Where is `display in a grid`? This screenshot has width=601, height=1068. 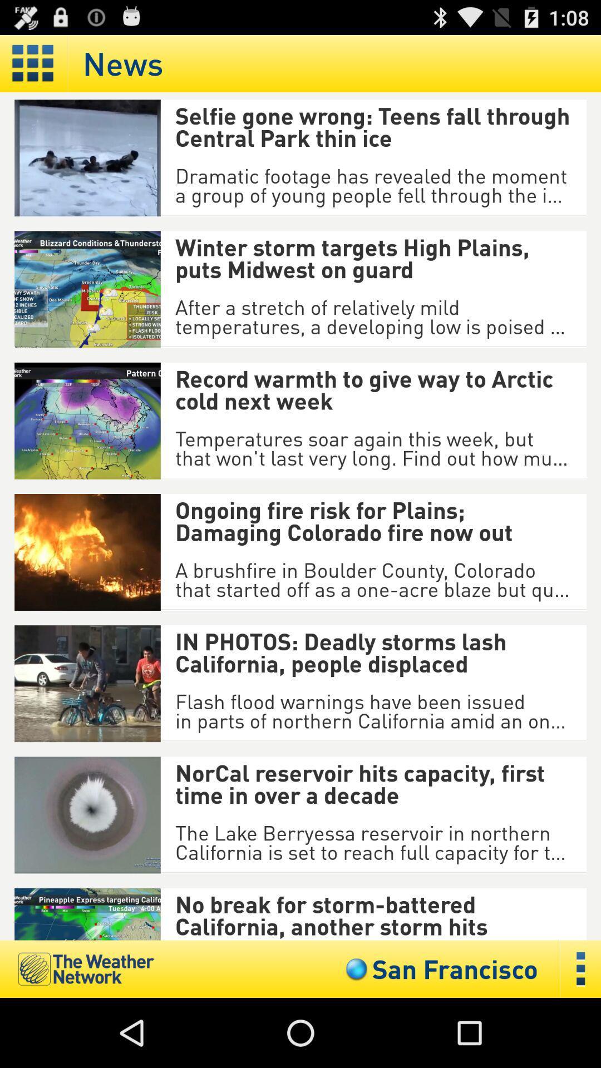 display in a grid is located at coordinates (33, 63).